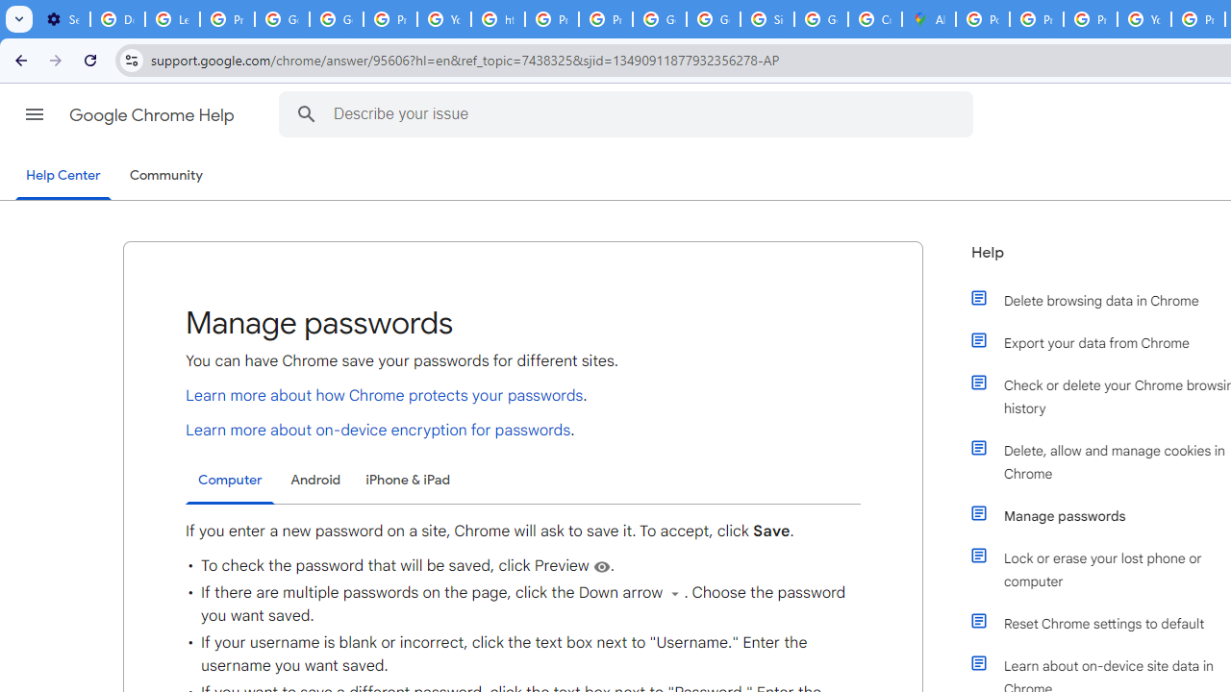 The image size is (1231, 692). I want to click on 'Describe your issue', so click(629, 113).